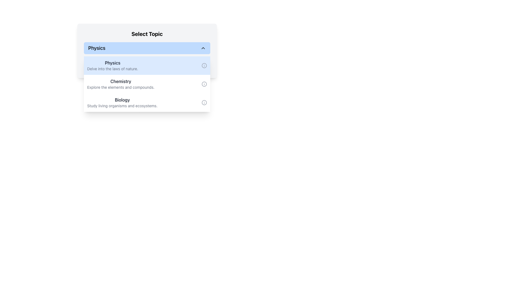 This screenshot has height=294, width=523. I want to click on the informational badge labeled 'Selected: Physics', which is a rectangular button-like component with a light green background and rounded corners, located beneath the 'Physics' list item, so click(147, 65).